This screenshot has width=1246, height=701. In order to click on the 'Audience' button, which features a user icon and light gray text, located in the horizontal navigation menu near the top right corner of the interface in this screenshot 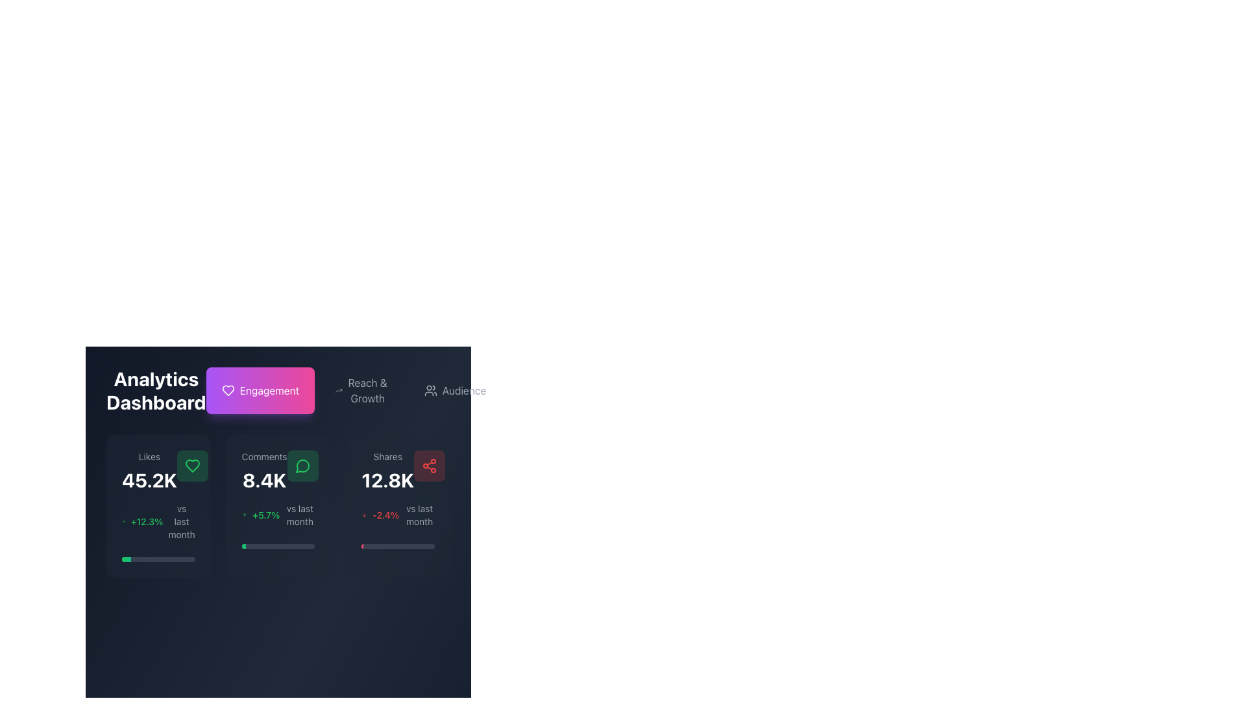, I will do `click(455, 389)`.